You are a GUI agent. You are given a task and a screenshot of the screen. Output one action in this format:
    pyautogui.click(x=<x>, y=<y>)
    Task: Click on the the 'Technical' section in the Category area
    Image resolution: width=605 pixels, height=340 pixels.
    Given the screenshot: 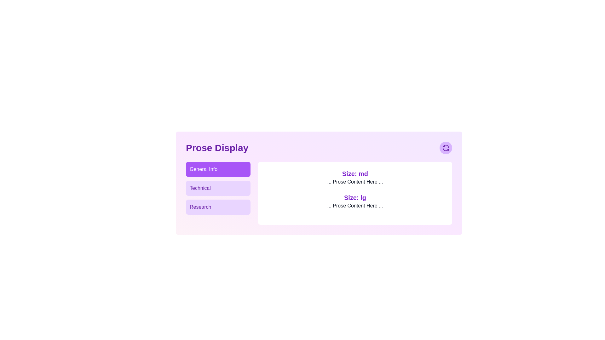 What is the action you would take?
    pyautogui.click(x=218, y=193)
    